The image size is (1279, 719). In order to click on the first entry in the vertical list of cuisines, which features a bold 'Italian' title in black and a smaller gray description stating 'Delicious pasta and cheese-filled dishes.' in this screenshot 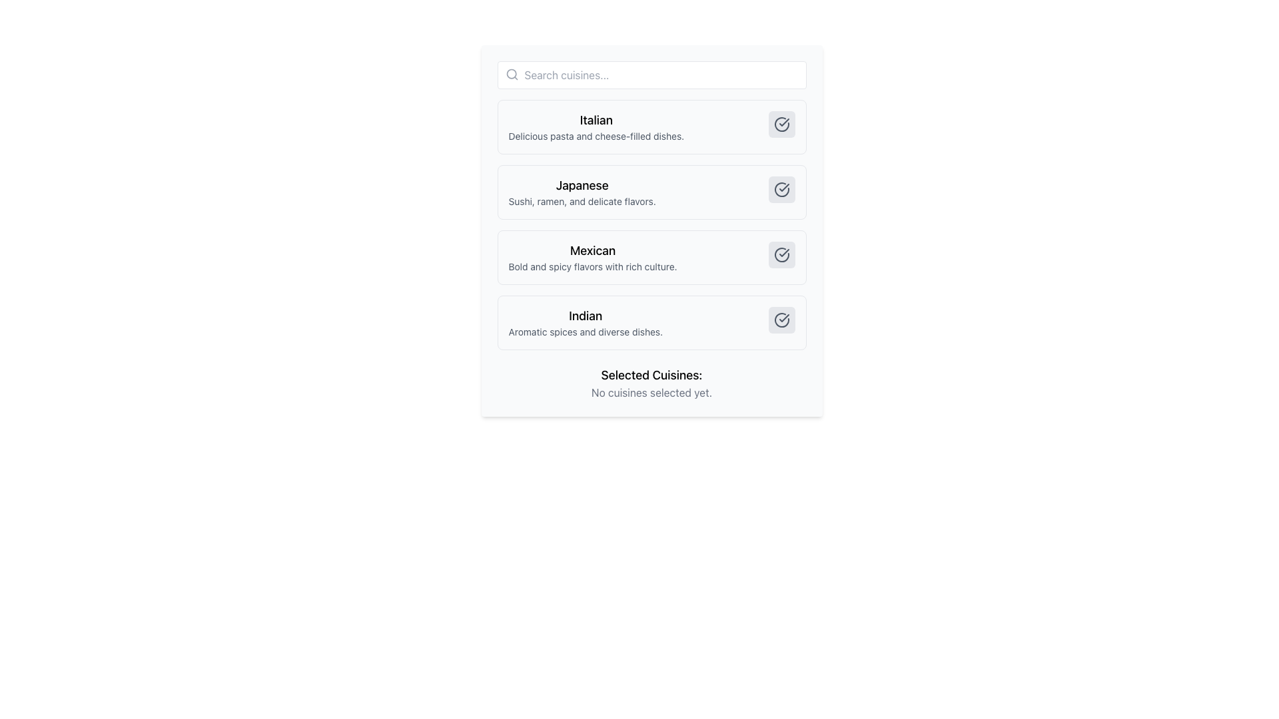, I will do `click(596, 127)`.